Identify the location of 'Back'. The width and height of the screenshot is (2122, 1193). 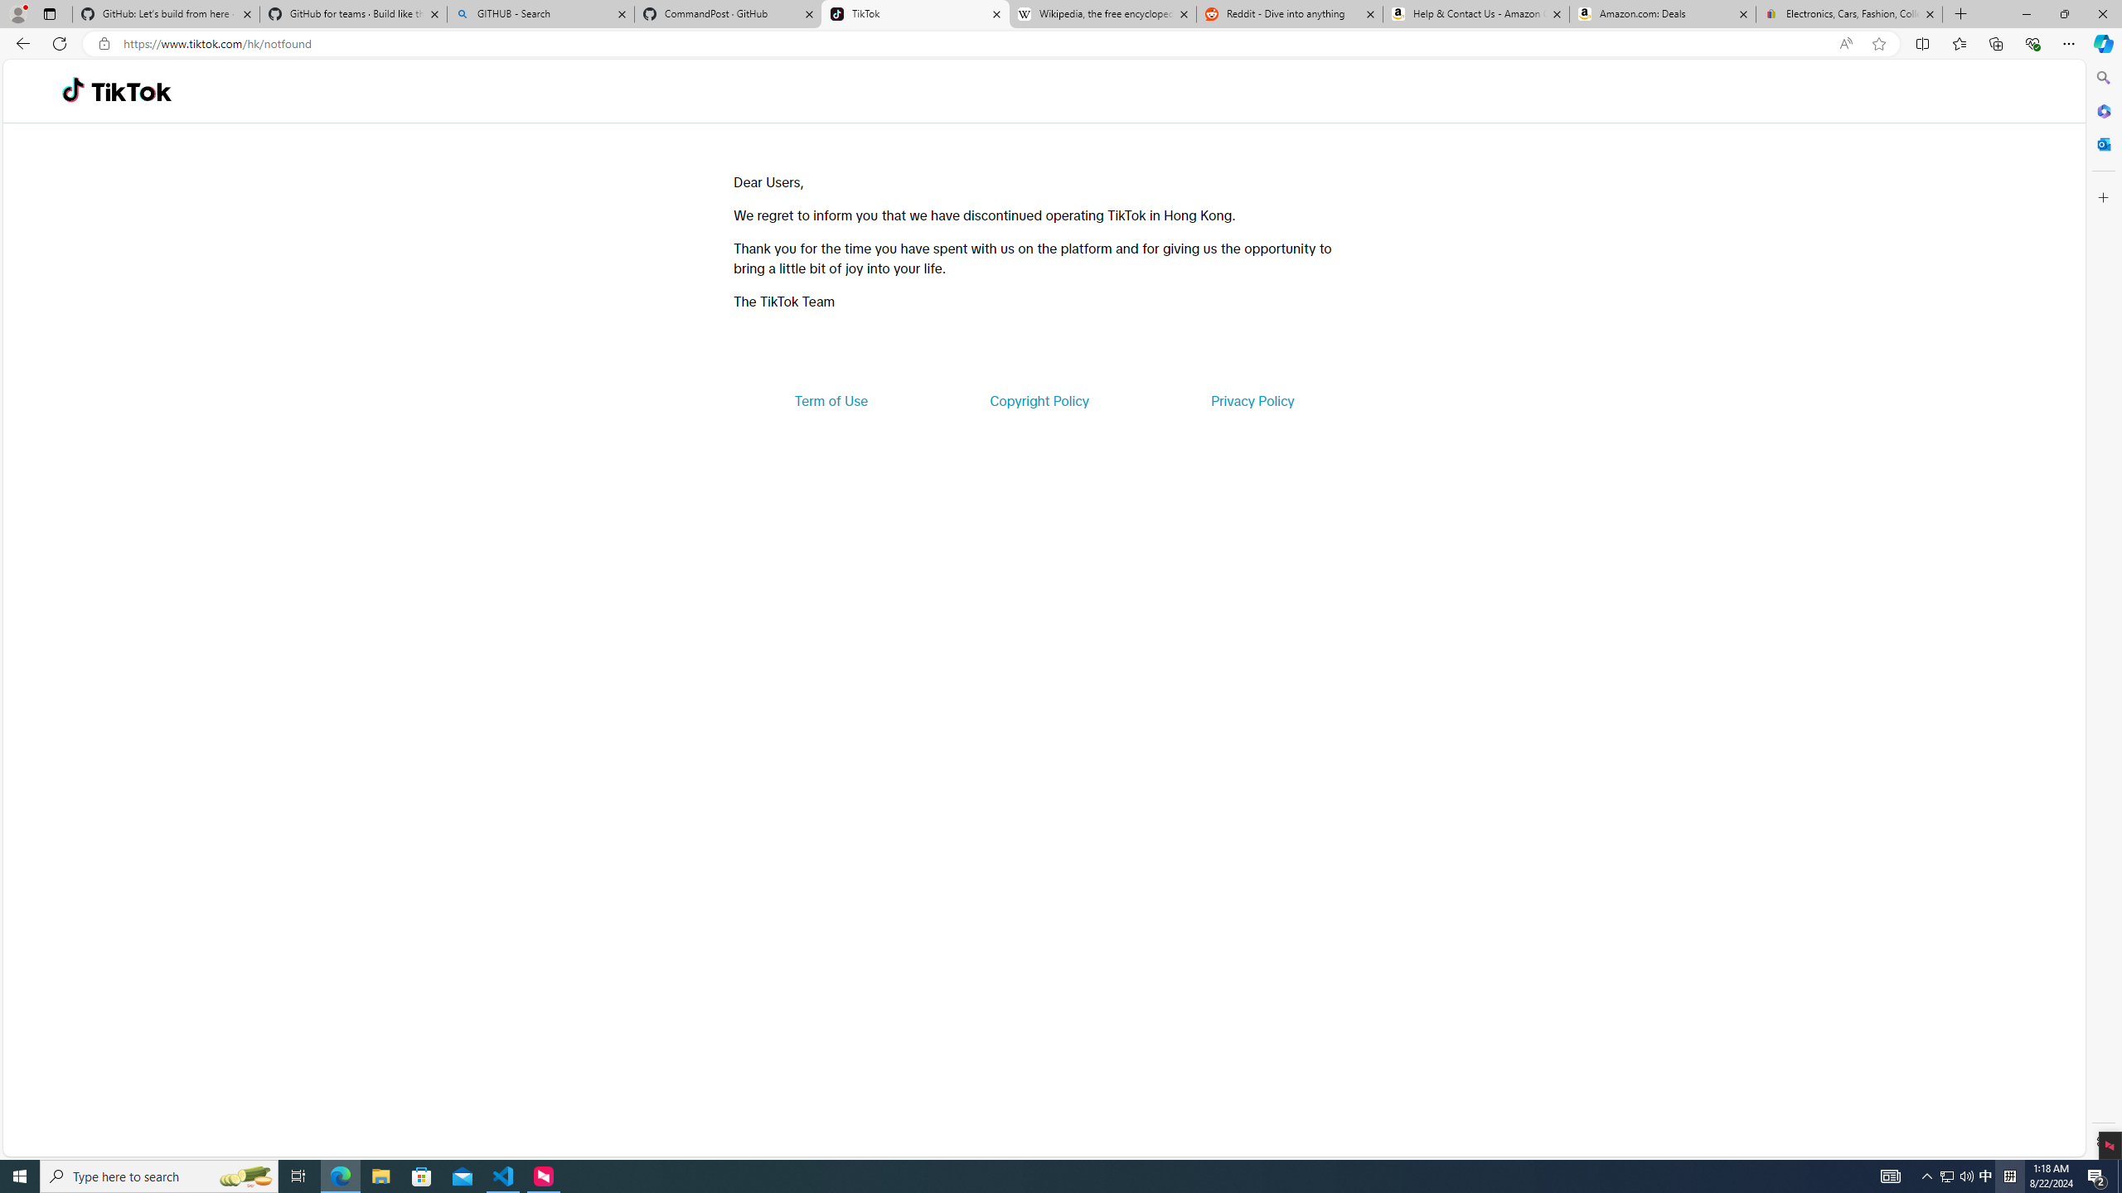
(20, 42).